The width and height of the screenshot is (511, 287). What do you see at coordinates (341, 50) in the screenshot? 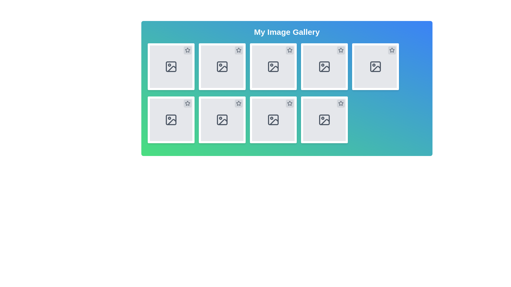
I see `the star-shaped icon in the top row of a 3x4 grid layout` at bounding box center [341, 50].